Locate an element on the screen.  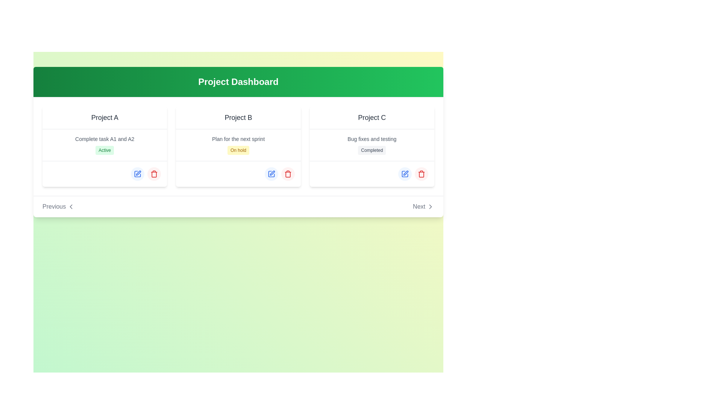
the Status Badge indicating the active status of 'Project A', located below the text 'Complete task A1 and A2' and above the blue and red buttons is located at coordinates (104, 146).